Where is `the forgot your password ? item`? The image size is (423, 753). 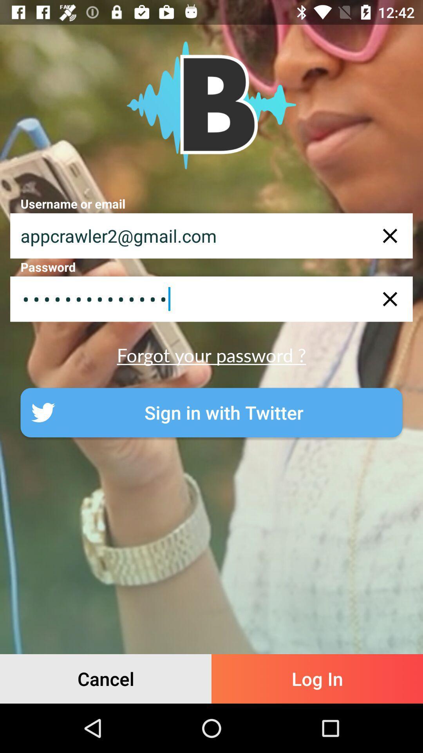
the forgot your password ? item is located at coordinates (211, 354).